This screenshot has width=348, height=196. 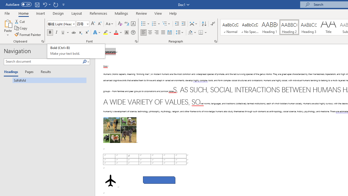 What do you see at coordinates (40, 13) in the screenshot?
I see `'Insert'` at bounding box center [40, 13].